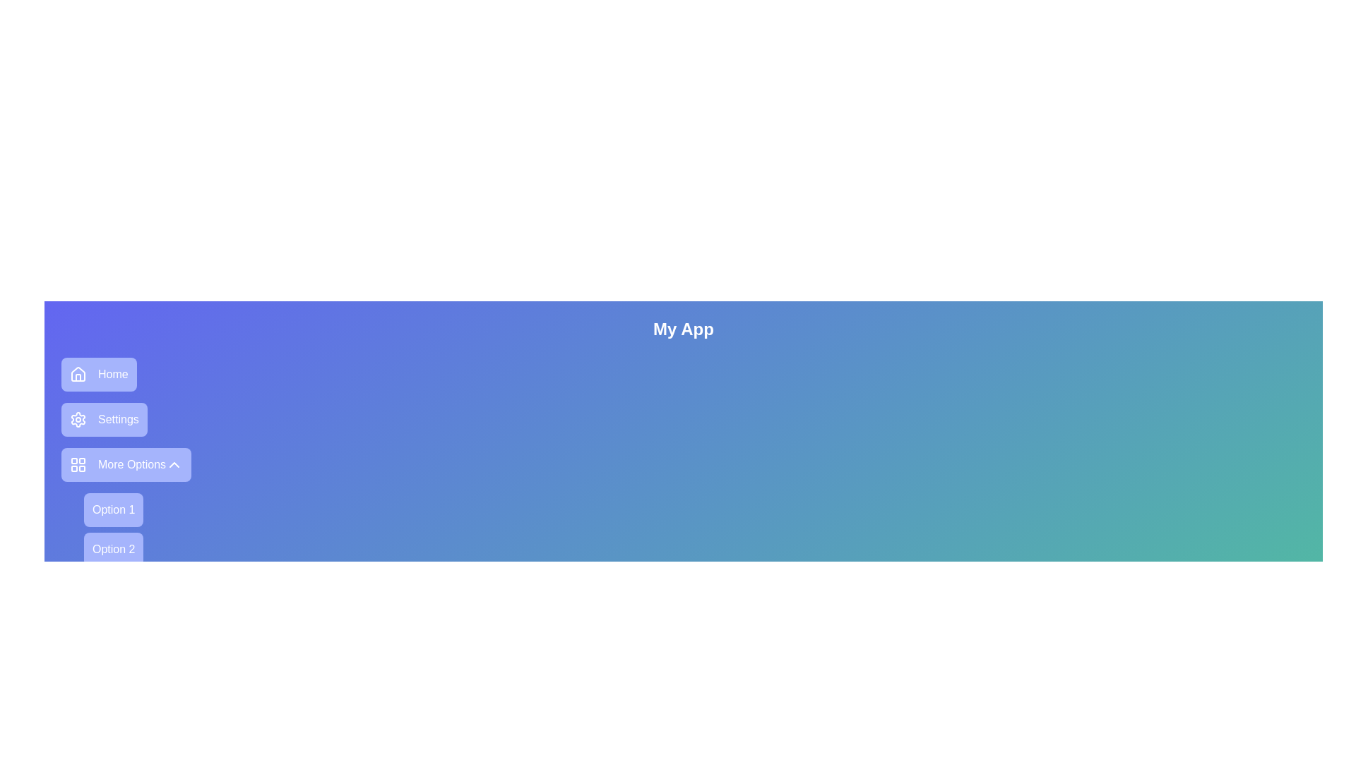  Describe the element at coordinates (126, 465) in the screenshot. I see `the toggle button located as the third option in the vertical list on the left side of the interface` at that location.